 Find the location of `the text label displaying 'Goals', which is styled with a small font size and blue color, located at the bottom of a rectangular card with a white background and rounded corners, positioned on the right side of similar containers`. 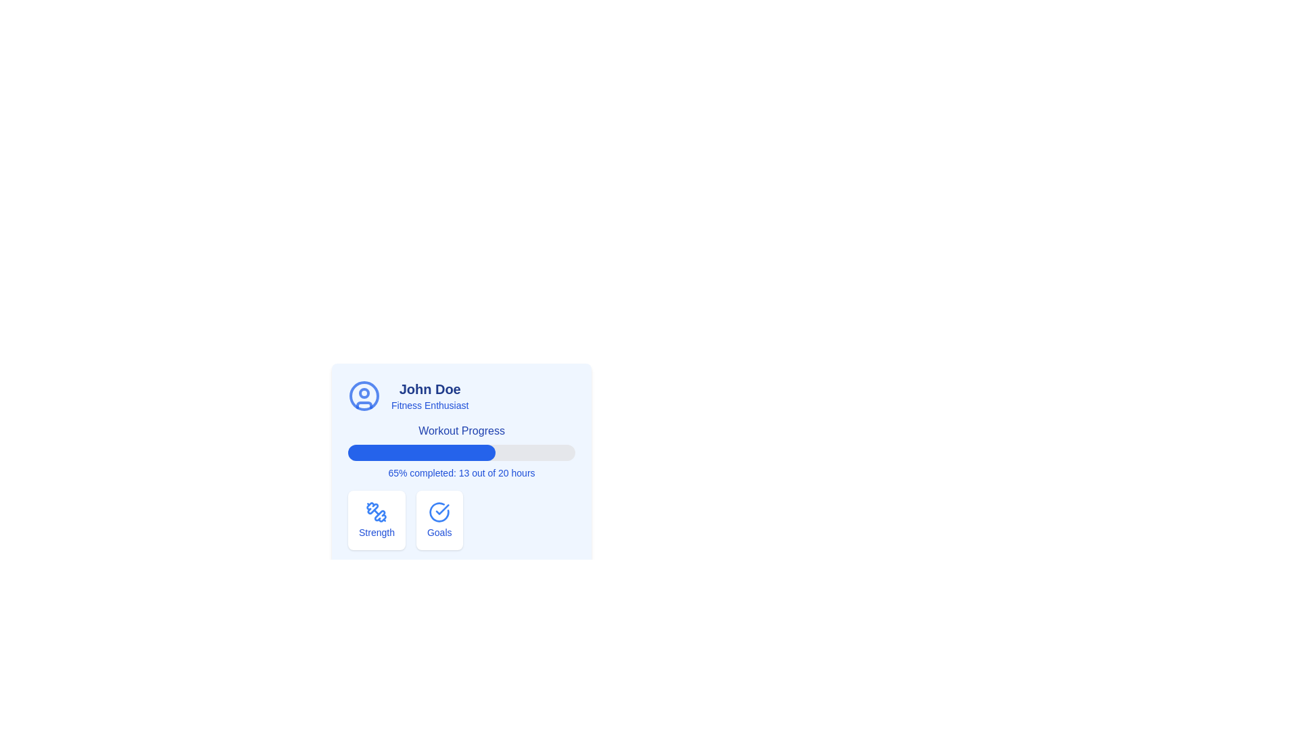

the text label displaying 'Goals', which is styled with a small font size and blue color, located at the bottom of a rectangular card with a white background and rounded corners, positioned on the right side of similar containers is located at coordinates (439, 531).